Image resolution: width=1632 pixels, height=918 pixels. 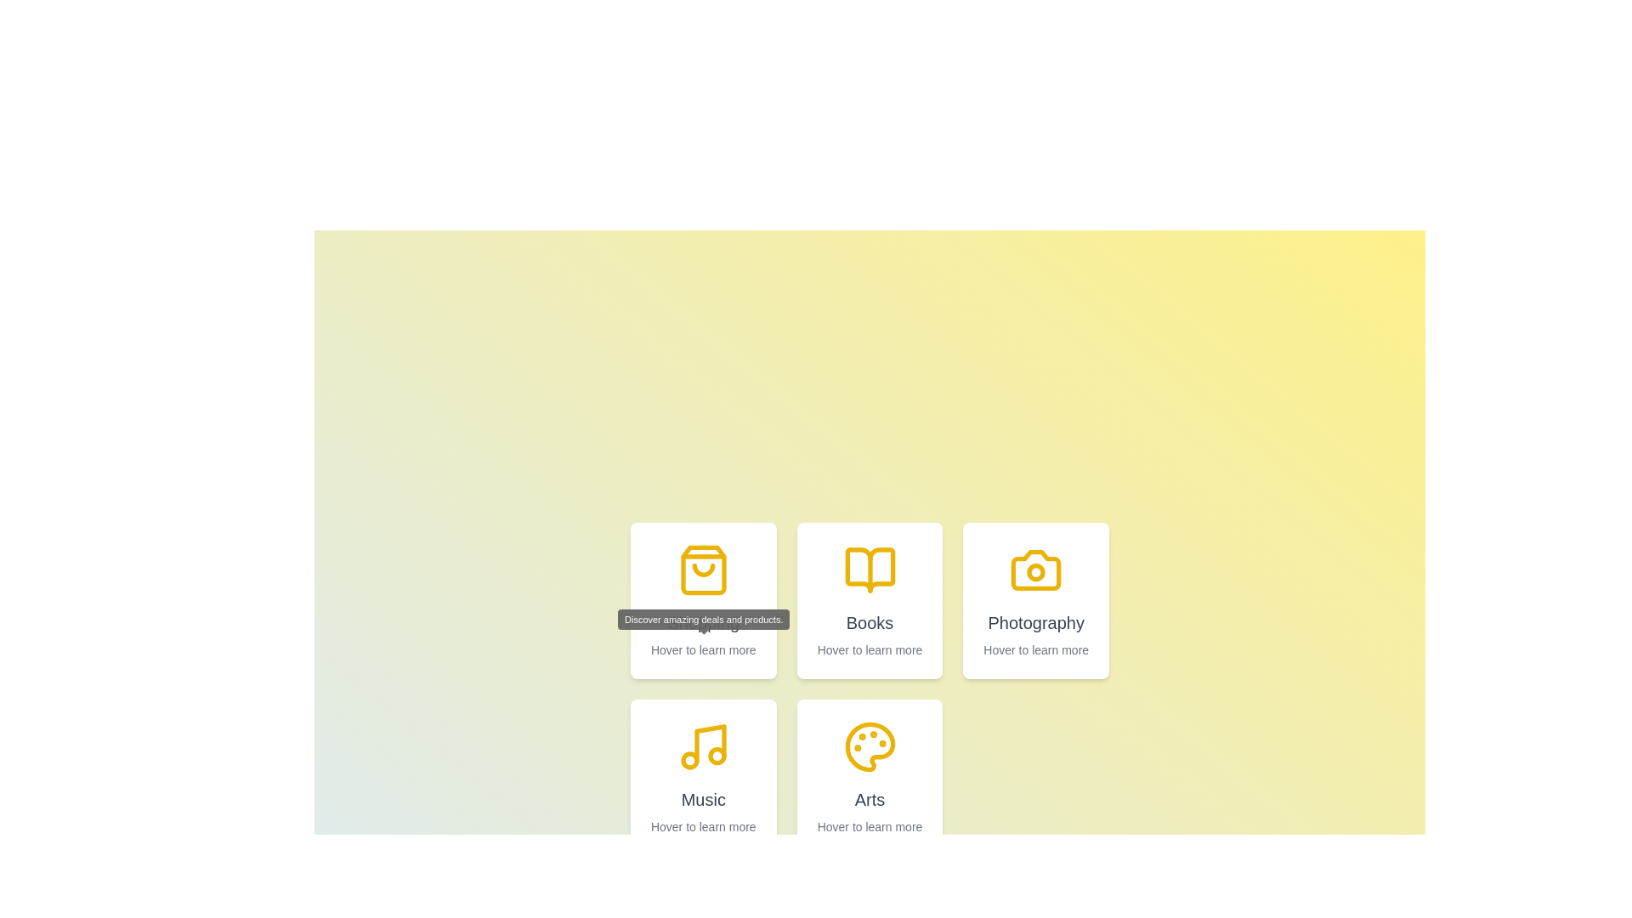 I want to click on the static text label 'Music' located at the bottom-center of its card in the grid layout, which serves as a title for the associated content, so click(x=703, y=800).